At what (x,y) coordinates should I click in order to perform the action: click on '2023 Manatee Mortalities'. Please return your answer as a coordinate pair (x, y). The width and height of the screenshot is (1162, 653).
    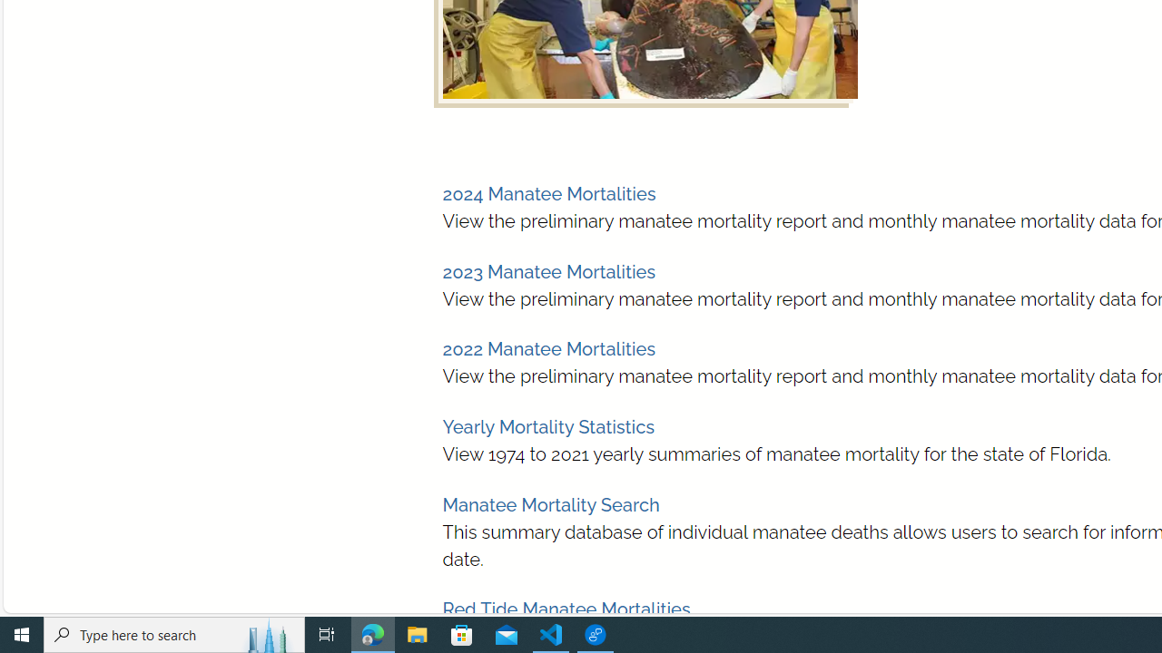
    Looking at the image, I should click on (547, 271).